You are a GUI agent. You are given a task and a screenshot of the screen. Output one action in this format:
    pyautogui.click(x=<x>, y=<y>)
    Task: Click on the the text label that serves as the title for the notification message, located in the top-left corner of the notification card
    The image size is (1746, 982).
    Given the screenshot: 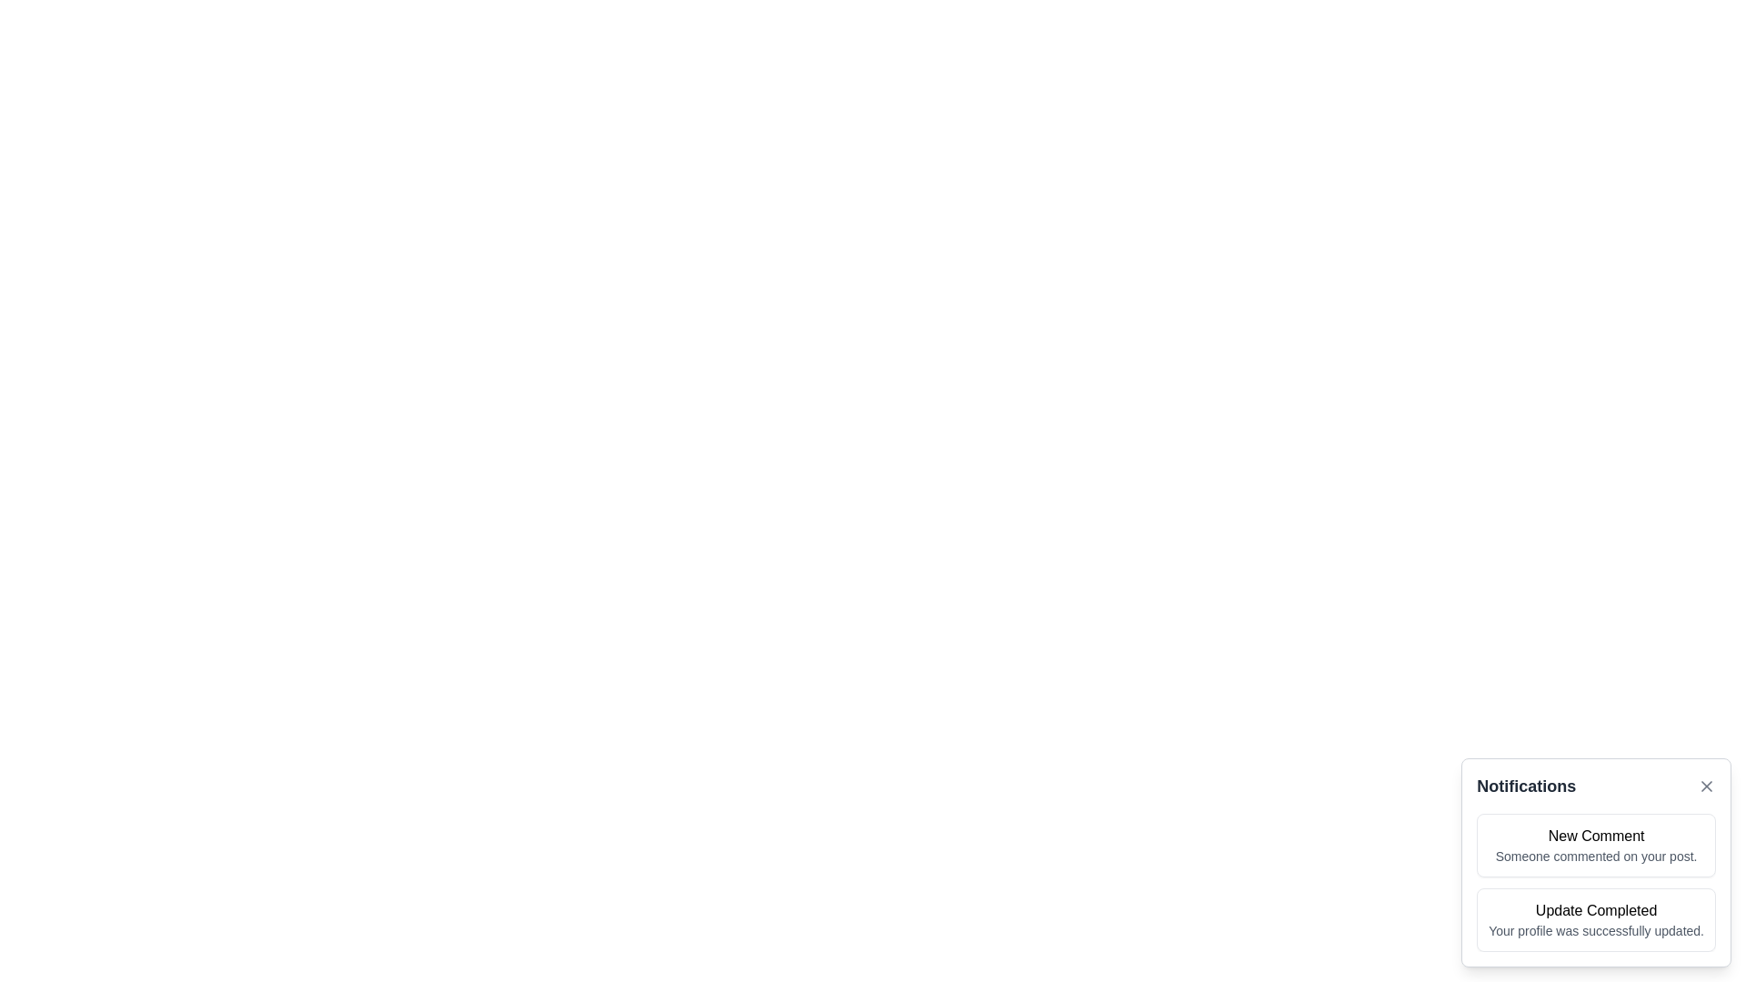 What is the action you would take?
    pyautogui.click(x=1595, y=837)
    